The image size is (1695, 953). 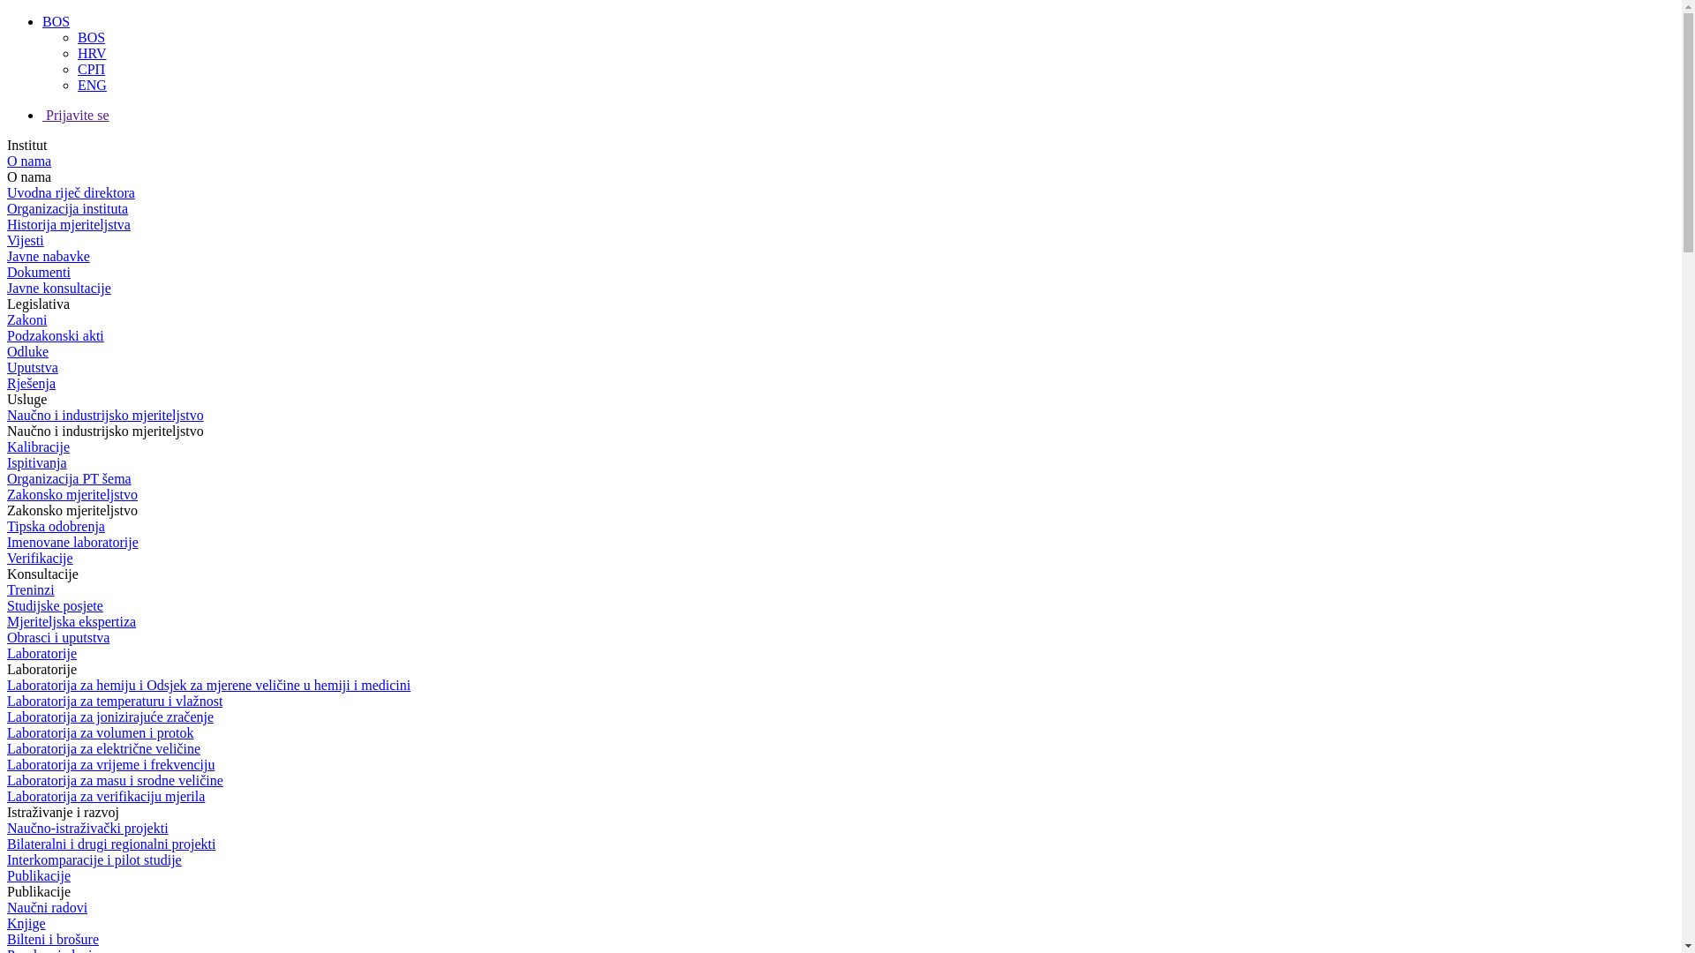 I want to click on 'Laboratorije', so click(x=41, y=653).